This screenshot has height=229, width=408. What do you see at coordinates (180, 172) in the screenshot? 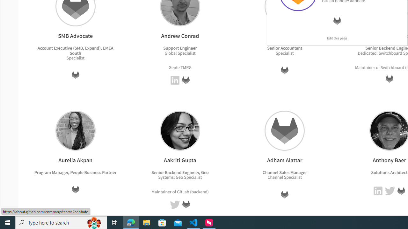
I see `'Senior Backend Engineer, Geo'` at bounding box center [180, 172].